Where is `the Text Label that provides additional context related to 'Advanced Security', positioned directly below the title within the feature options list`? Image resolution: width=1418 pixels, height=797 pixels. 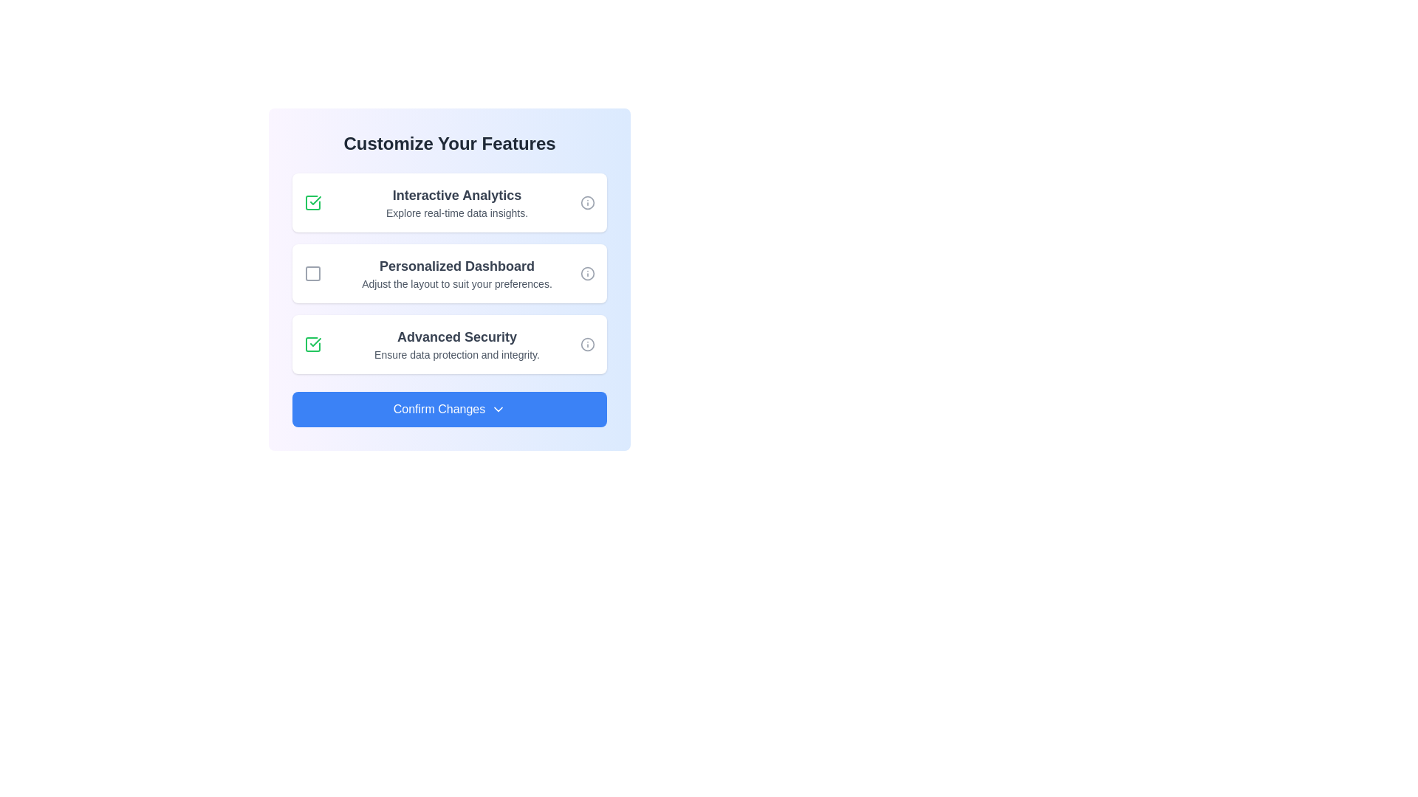 the Text Label that provides additional context related to 'Advanced Security', positioned directly below the title within the feature options list is located at coordinates (456, 355).